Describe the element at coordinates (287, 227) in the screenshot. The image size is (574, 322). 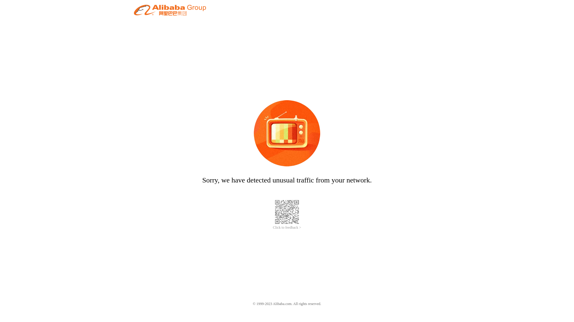
I see `'Click to feedback >'` at that location.